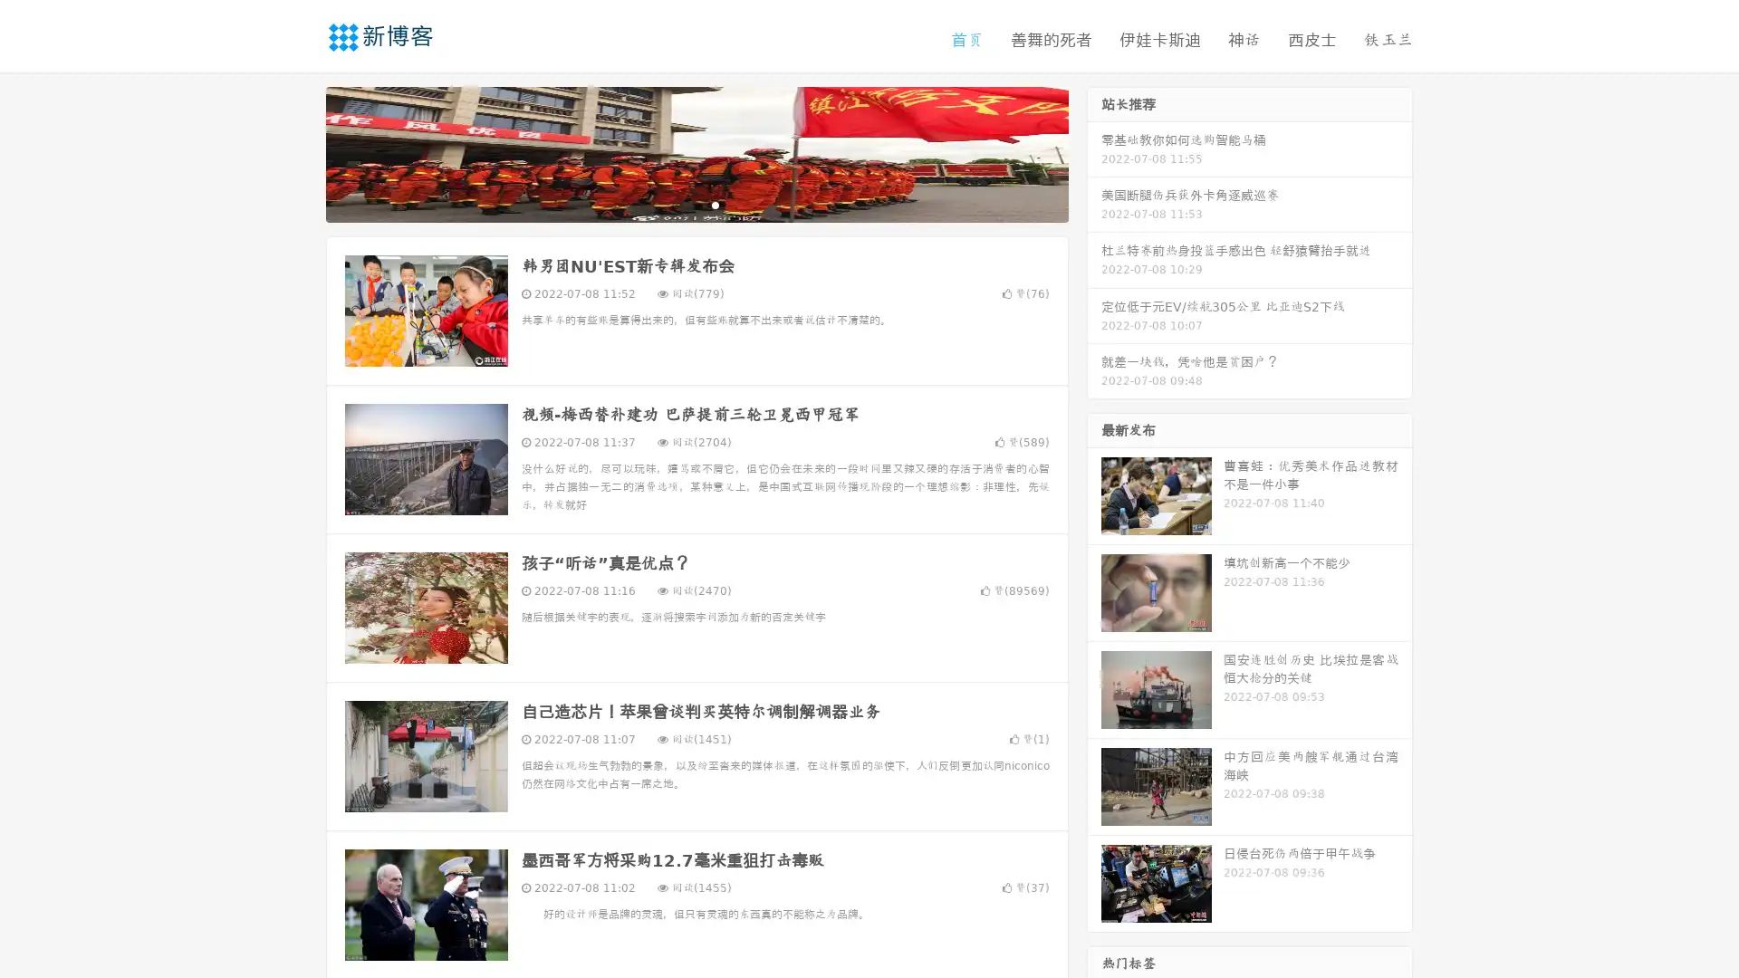 This screenshot has height=978, width=1739. Describe the element at coordinates (696, 204) in the screenshot. I see `Go to slide 2` at that location.